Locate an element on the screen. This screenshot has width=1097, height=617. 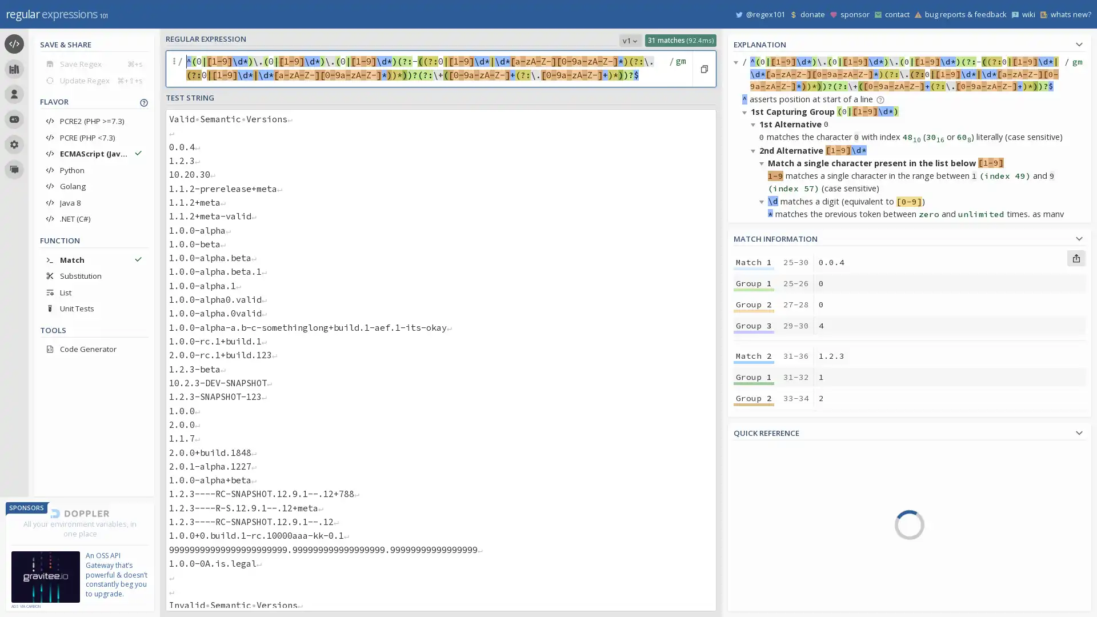
Substitution is located at coordinates (94, 275).